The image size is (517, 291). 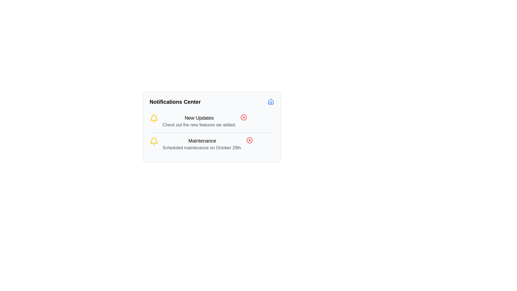 What do you see at coordinates (202, 148) in the screenshot?
I see `the informational text label about the scheduled maintenance event located under the 'Maintenance' notification in the 'Notifications Center'` at bounding box center [202, 148].